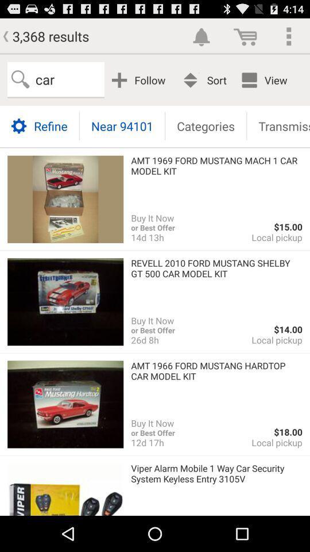  Describe the element at coordinates (121, 125) in the screenshot. I see `near 94101` at that location.